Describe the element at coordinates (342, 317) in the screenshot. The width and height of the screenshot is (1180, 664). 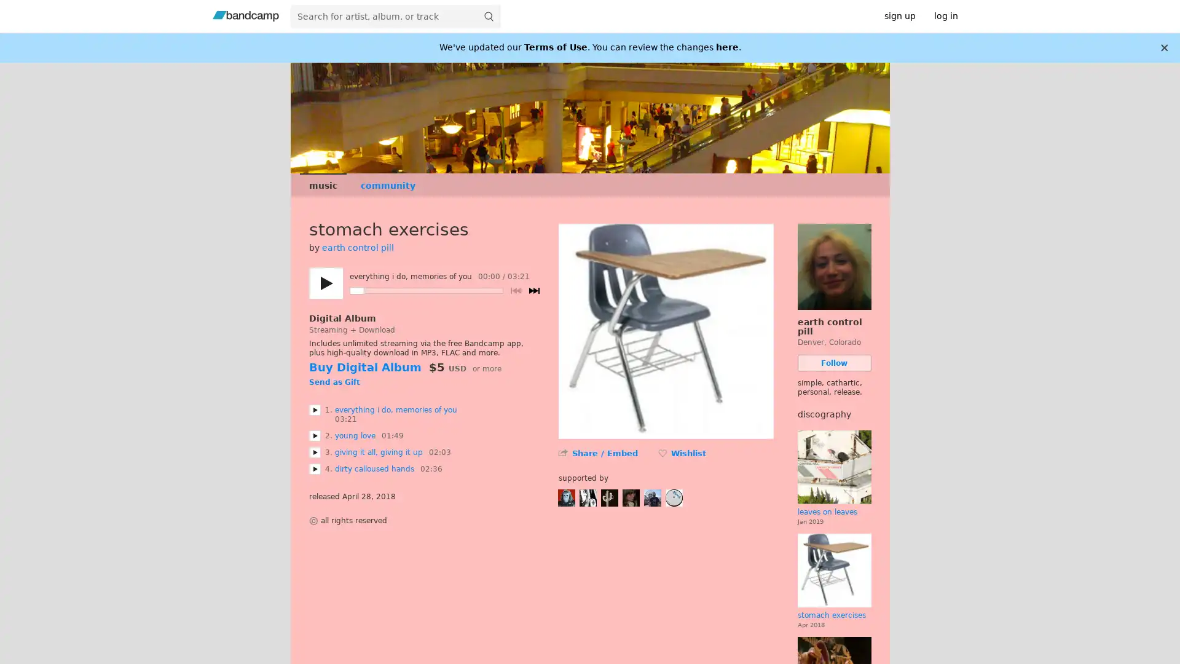
I see `Digital Album` at that location.